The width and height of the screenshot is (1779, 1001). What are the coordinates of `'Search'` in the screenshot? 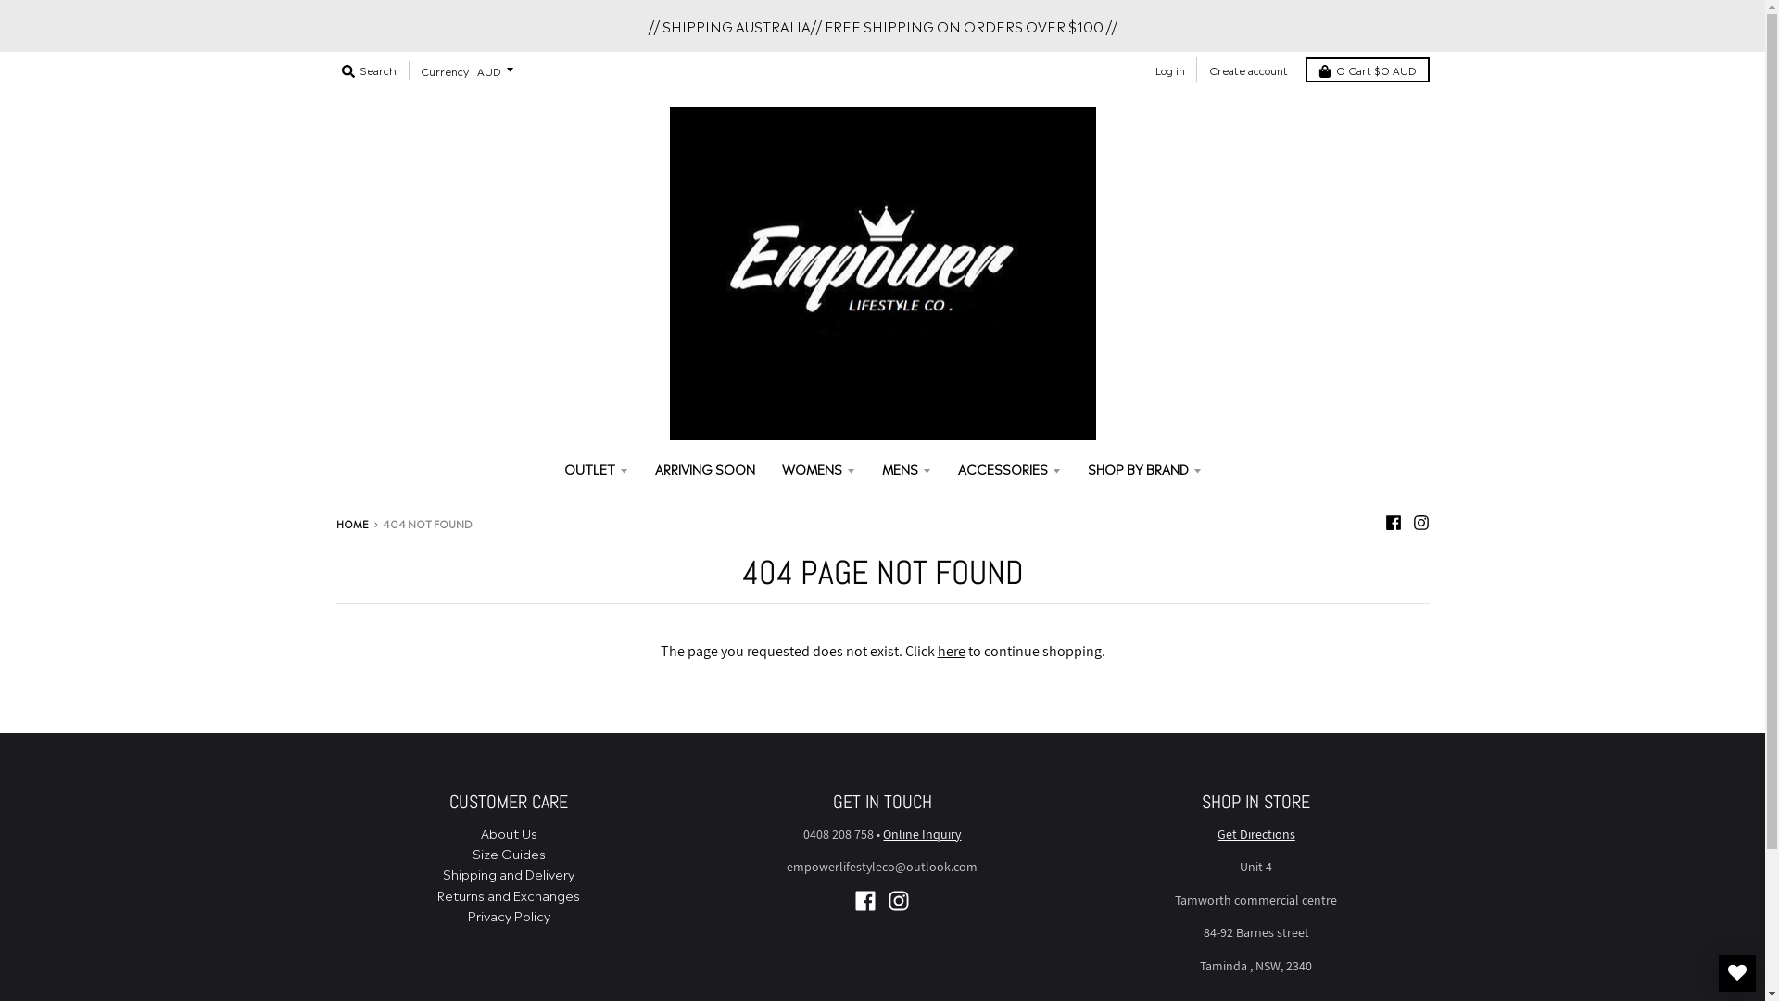 It's located at (368, 69).